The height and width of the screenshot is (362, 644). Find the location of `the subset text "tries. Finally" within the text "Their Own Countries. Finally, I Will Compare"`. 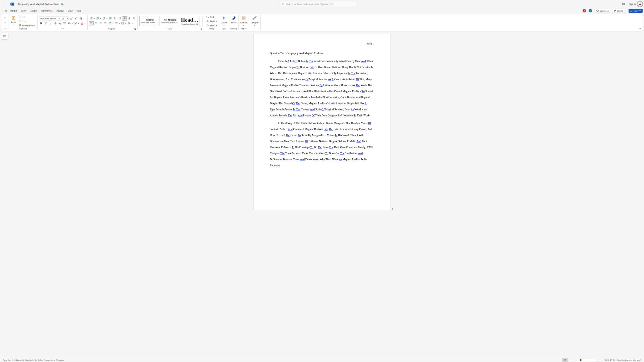

the subset text "tries. Finally" within the text "Their Own Countries. Finally, I Will Compare" is located at coordinates (352, 147).